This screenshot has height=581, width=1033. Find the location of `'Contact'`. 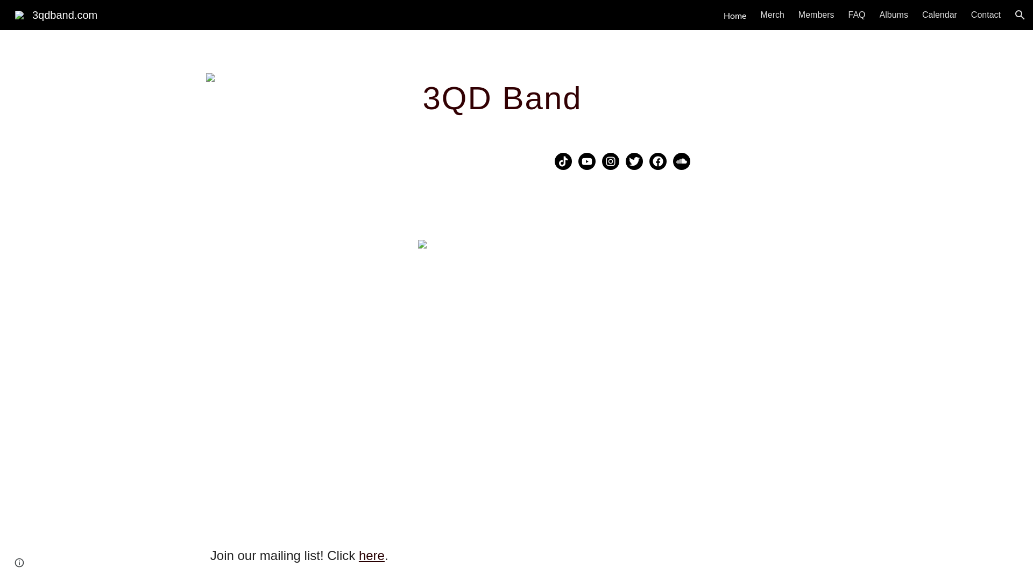

'Contact' is located at coordinates (971, 15).